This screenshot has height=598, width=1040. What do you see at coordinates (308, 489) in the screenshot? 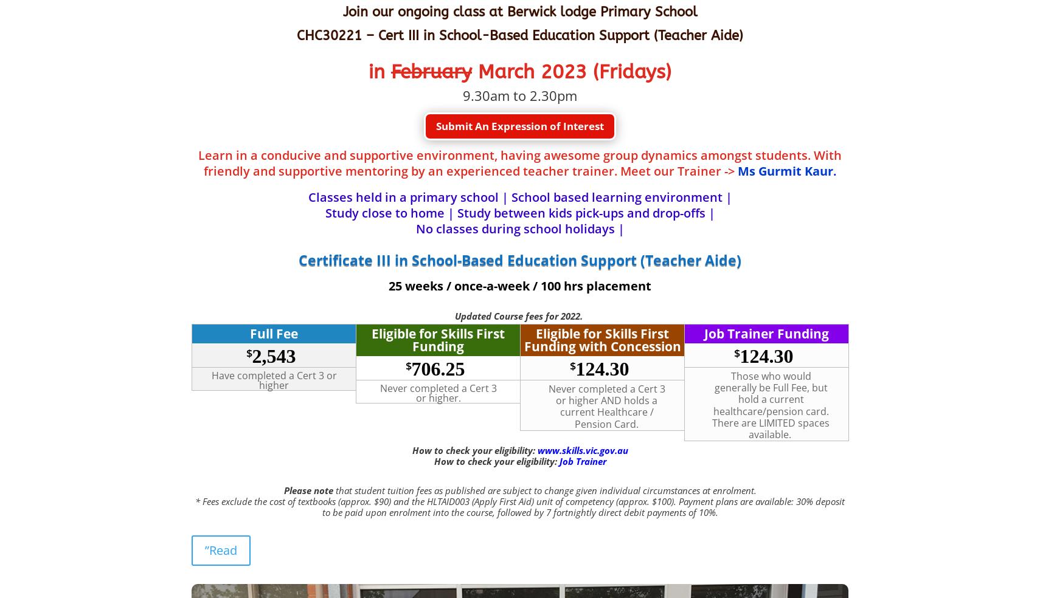
I see `'Please note'` at bounding box center [308, 489].